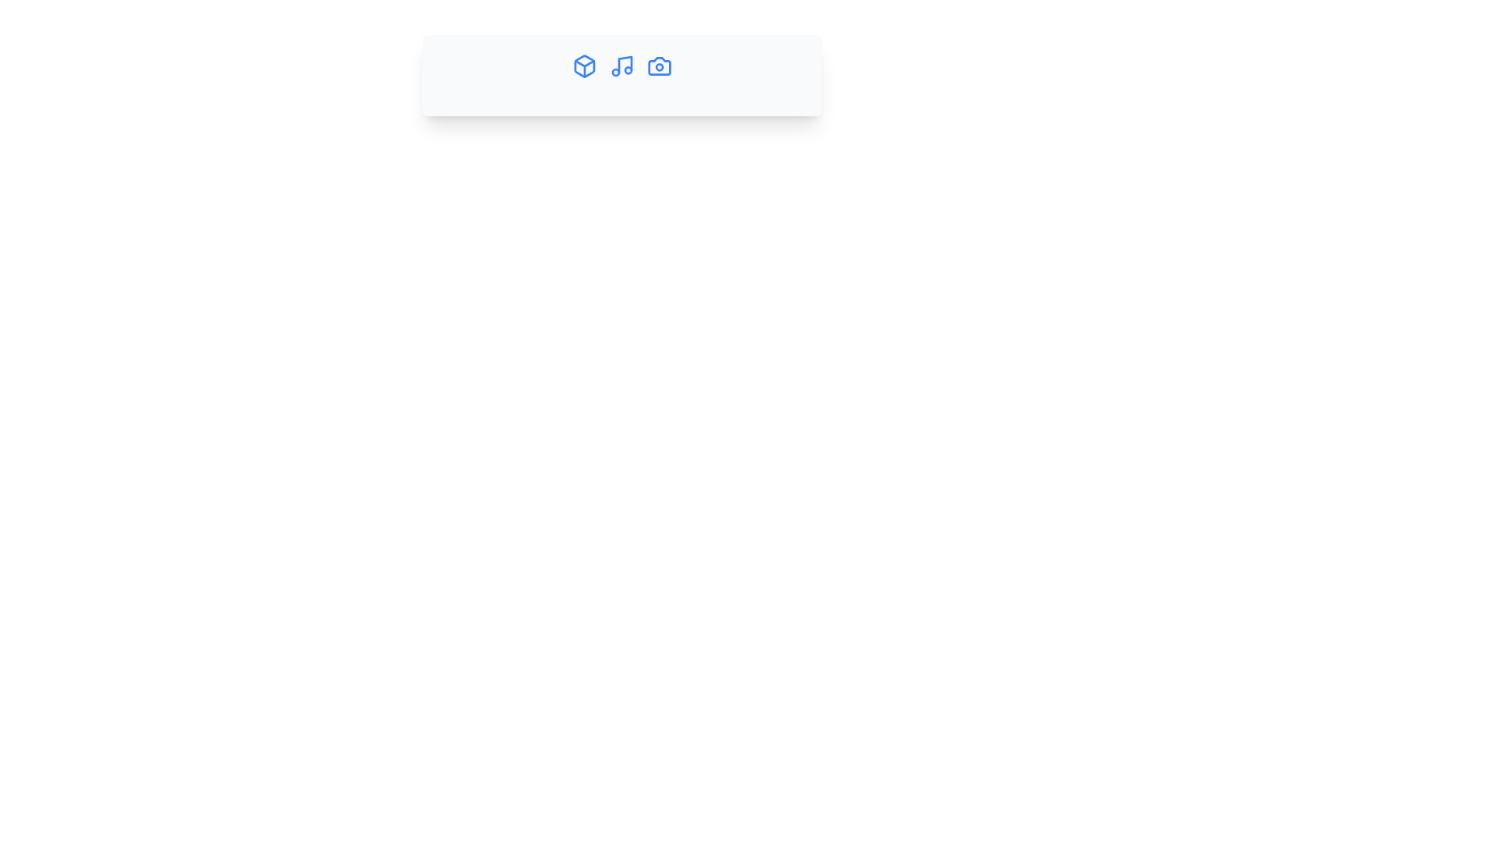 The image size is (1499, 843). What do you see at coordinates (583, 65) in the screenshot?
I see `the blue 3D box icon located at the leftmost part of the row to trigger the scale-up animation` at bounding box center [583, 65].